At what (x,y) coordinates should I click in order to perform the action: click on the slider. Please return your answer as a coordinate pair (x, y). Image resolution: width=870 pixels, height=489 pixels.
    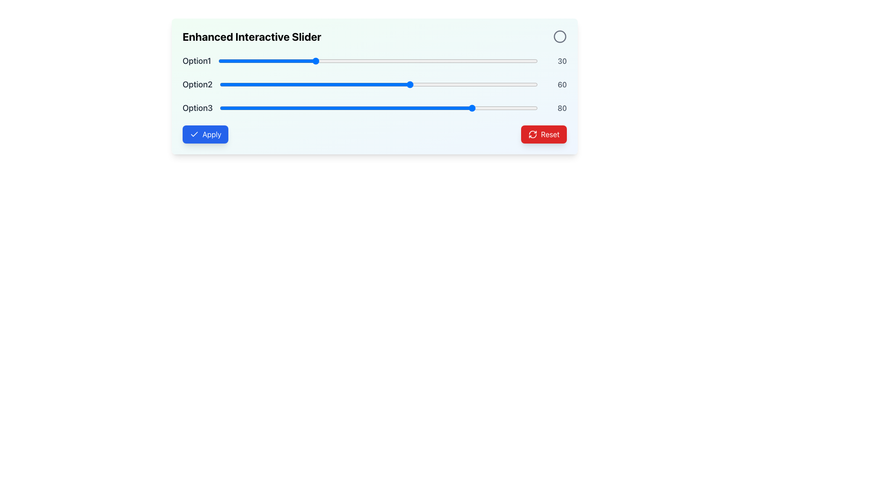
    Looking at the image, I should click on (247, 61).